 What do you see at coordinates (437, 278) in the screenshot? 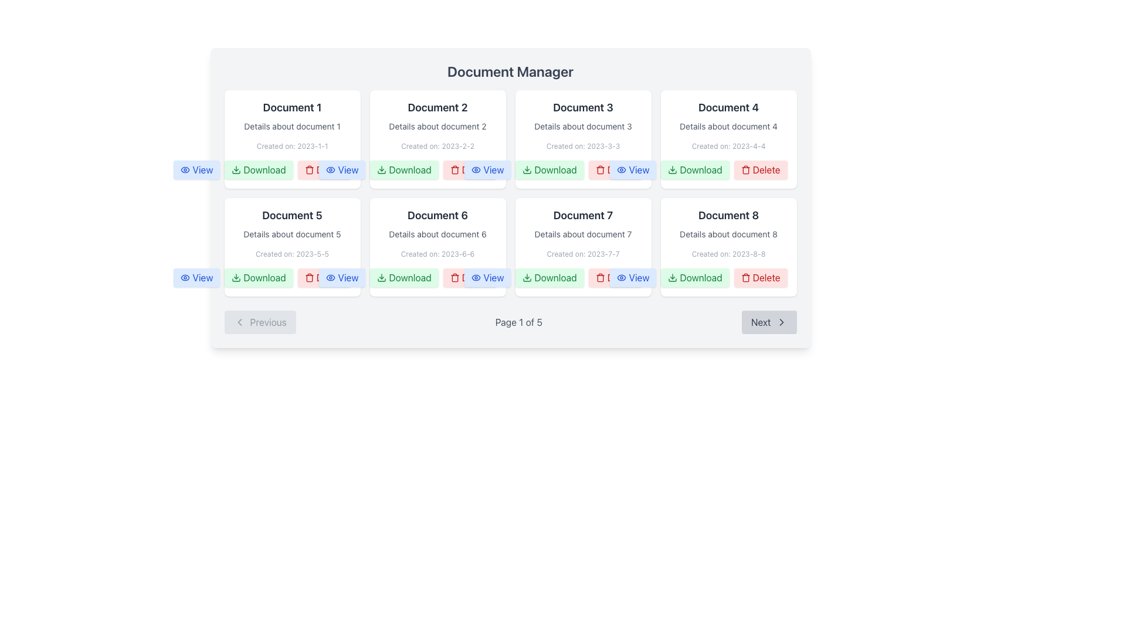
I see `the 'Download', 'Delete', or 'View' button` at bounding box center [437, 278].